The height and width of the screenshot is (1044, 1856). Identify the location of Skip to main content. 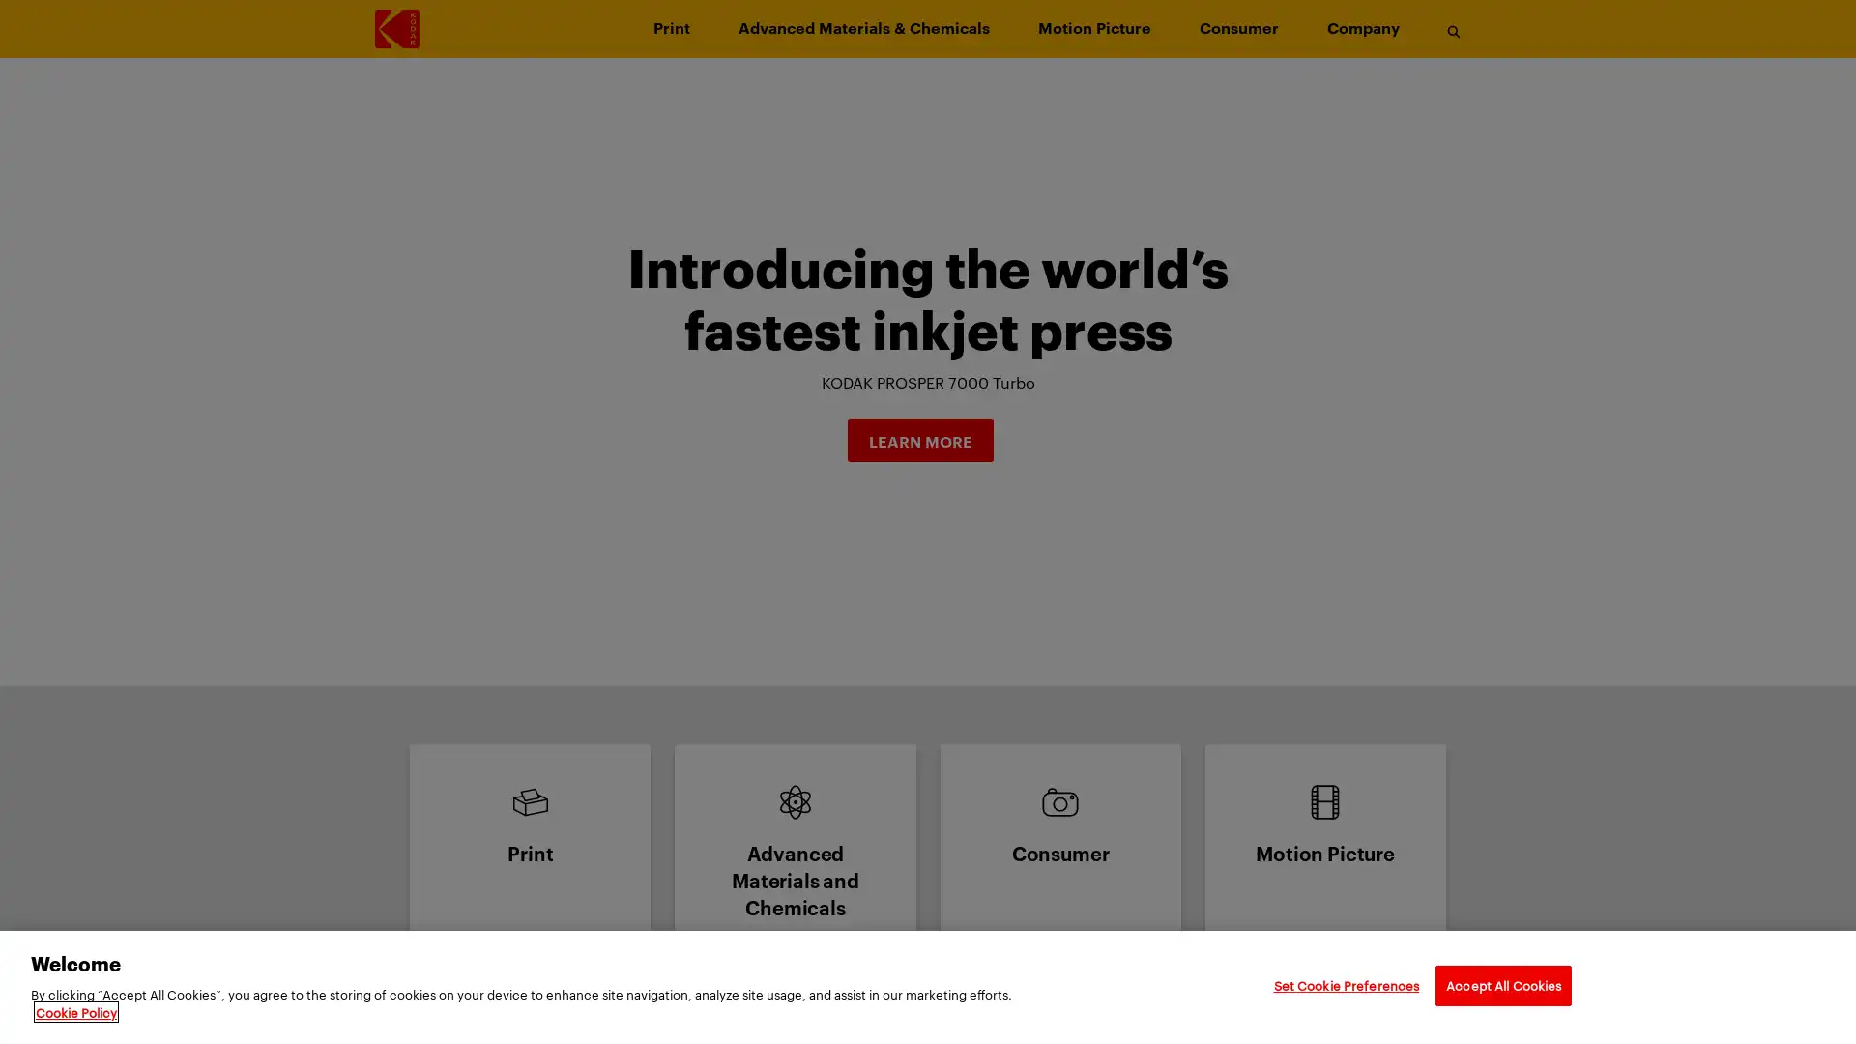
(1014, 72).